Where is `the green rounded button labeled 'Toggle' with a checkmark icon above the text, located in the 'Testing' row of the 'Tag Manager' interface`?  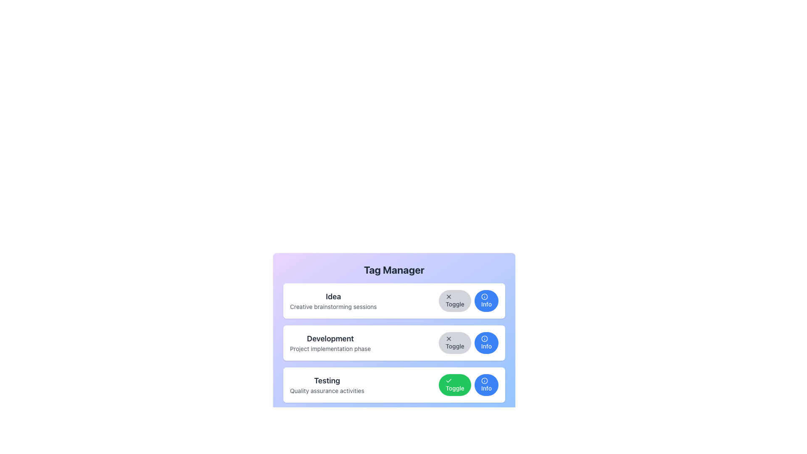
the green rounded button labeled 'Toggle' with a checkmark icon above the text, located in the 'Testing' row of the 'Tag Manager' interface is located at coordinates (454, 385).